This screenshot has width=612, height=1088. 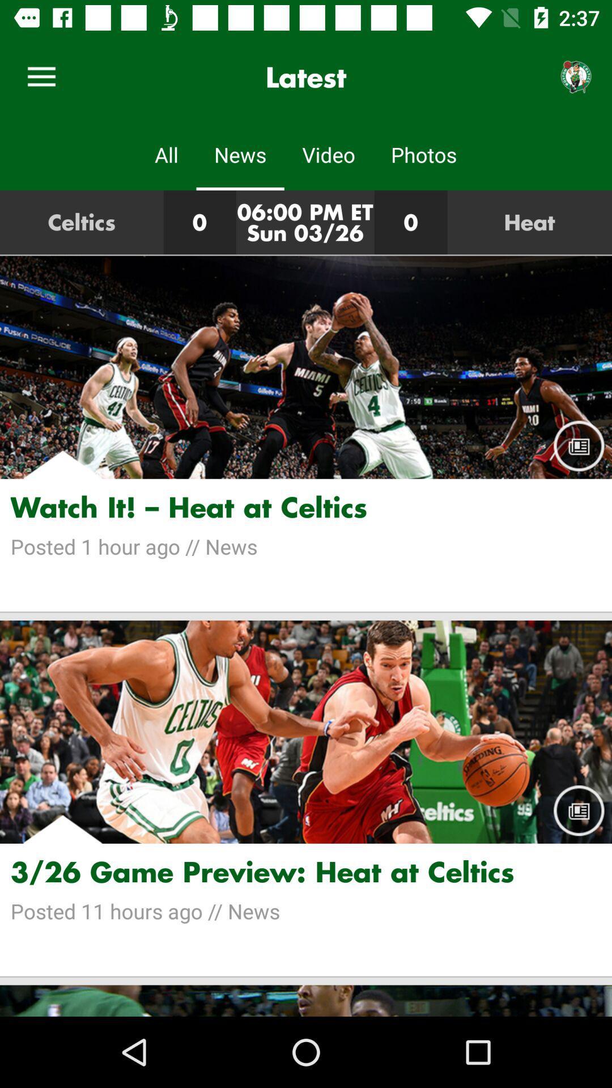 I want to click on icon above the celtics item, so click(x=41, y=76).